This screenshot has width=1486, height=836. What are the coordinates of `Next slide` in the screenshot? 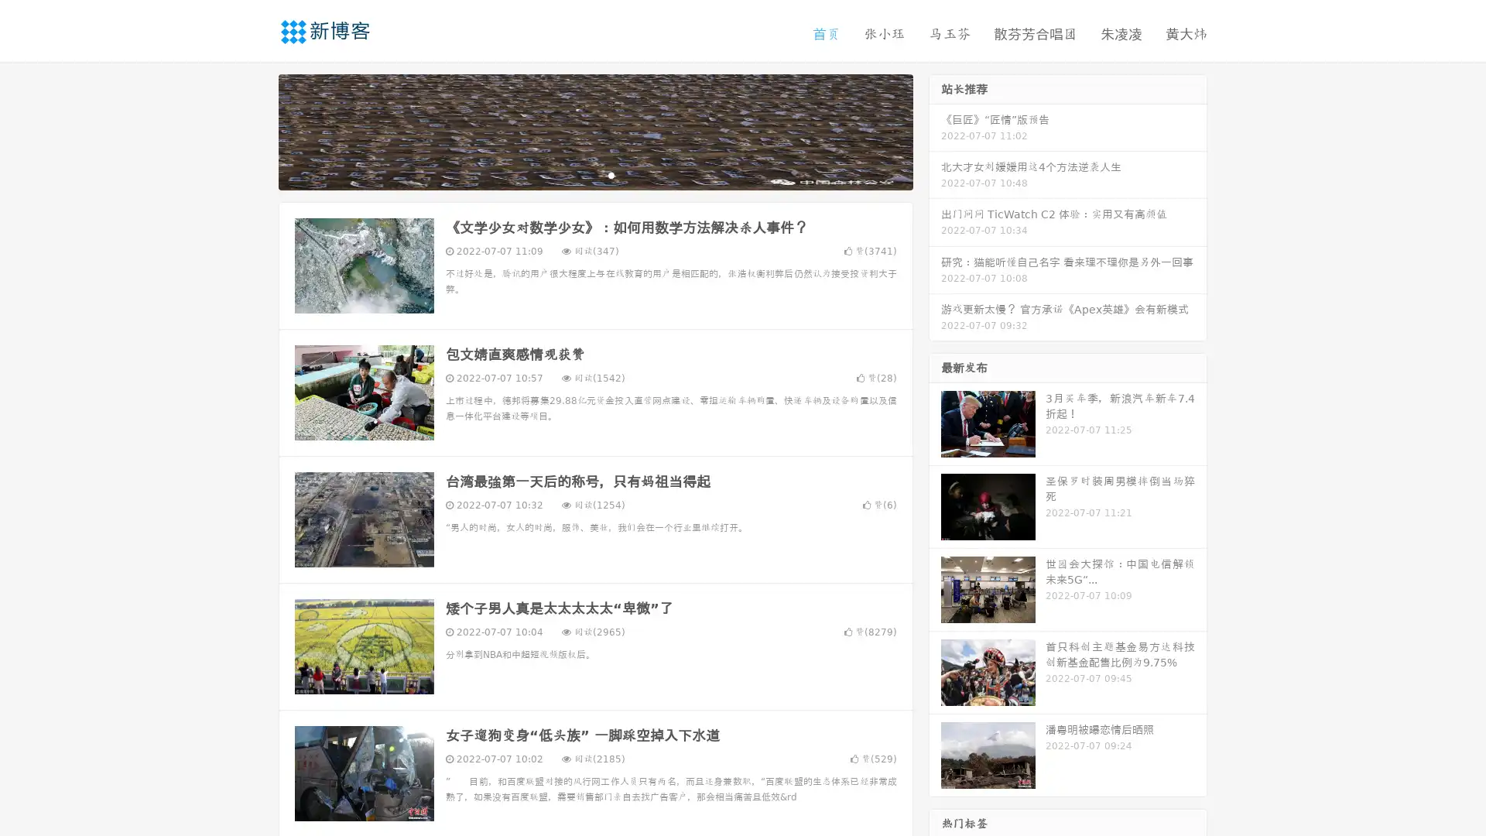 It's located at (935, 130).